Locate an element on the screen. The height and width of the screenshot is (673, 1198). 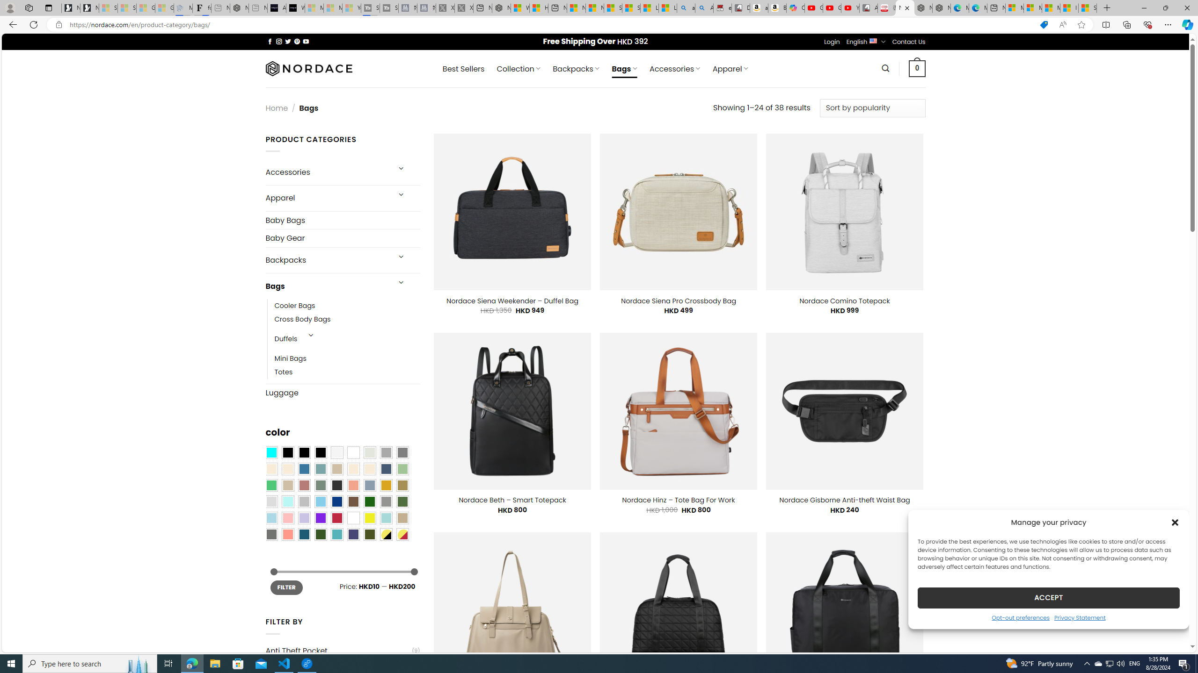
'Follow on Pinterest' is located at coordinates (296, 41).